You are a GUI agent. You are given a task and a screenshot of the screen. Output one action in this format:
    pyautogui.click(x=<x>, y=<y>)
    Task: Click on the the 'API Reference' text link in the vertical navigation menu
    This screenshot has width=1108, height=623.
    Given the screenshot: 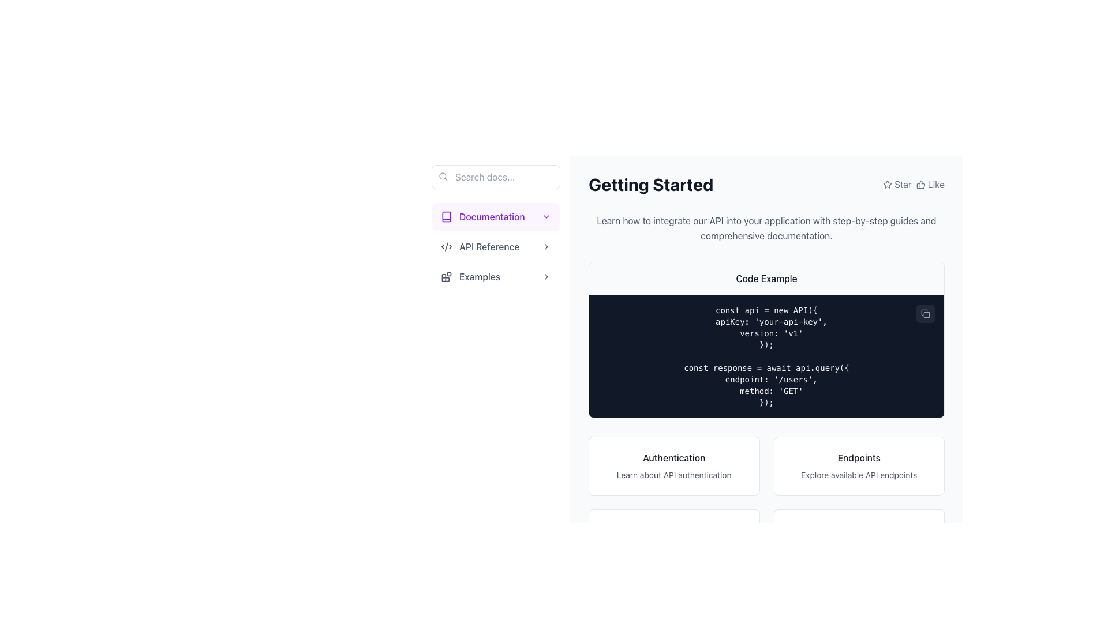 What is the action you would take?
    pyautogui.click(x=489, y=246)
    